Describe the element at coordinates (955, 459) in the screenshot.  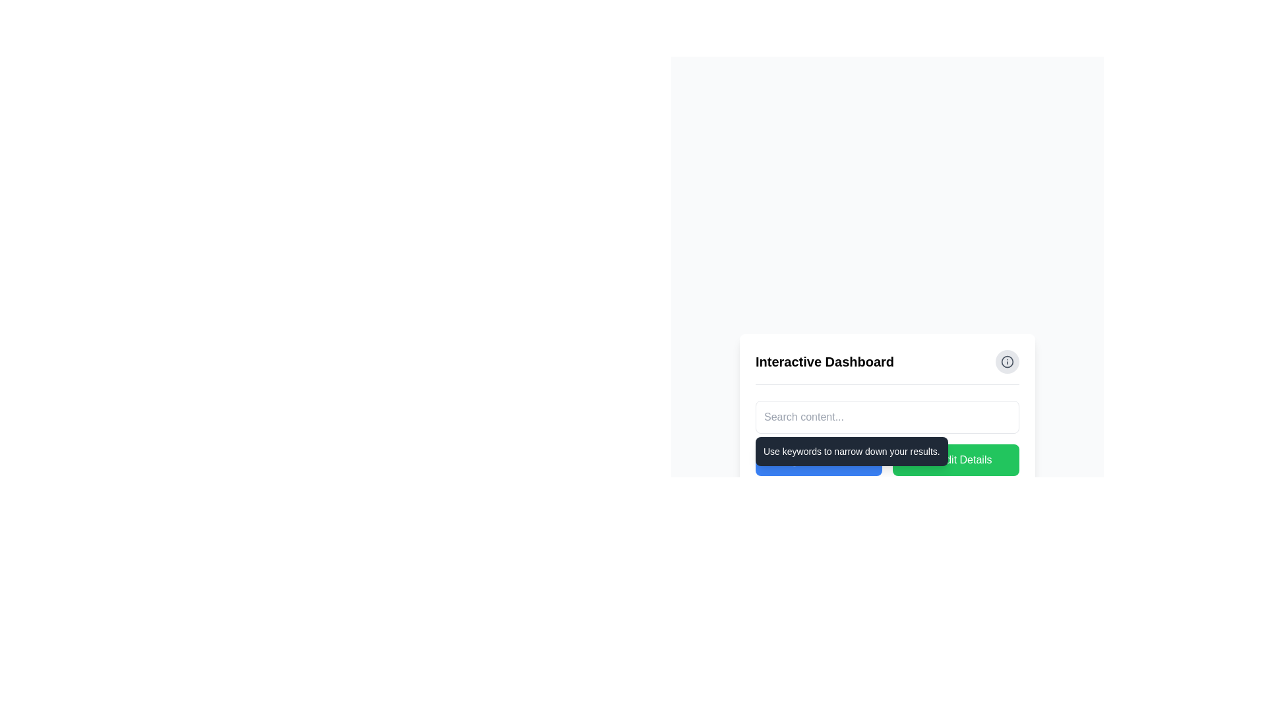
I see `the green button labeled 'Edit Details' with a pen icon` at that location.